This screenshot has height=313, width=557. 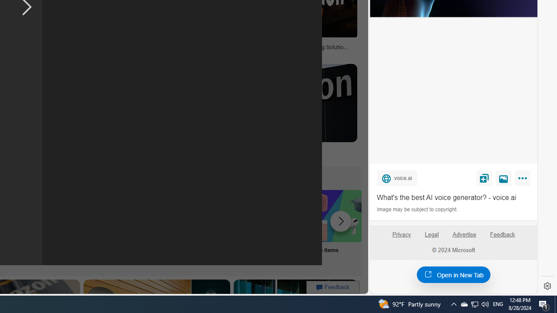 I want to click on 'Legal', so click(x=432, y=234).